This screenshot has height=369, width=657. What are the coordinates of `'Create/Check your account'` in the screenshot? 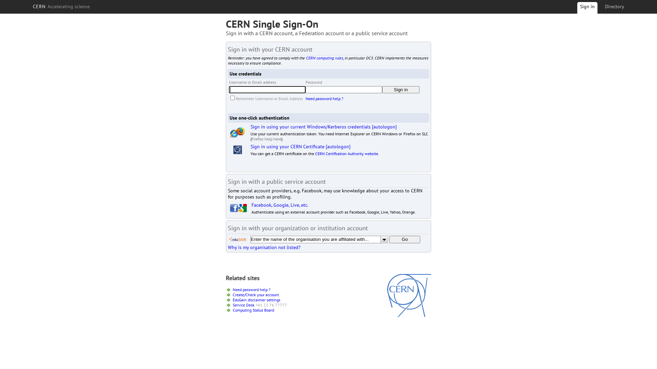 It's located at (255, 294).